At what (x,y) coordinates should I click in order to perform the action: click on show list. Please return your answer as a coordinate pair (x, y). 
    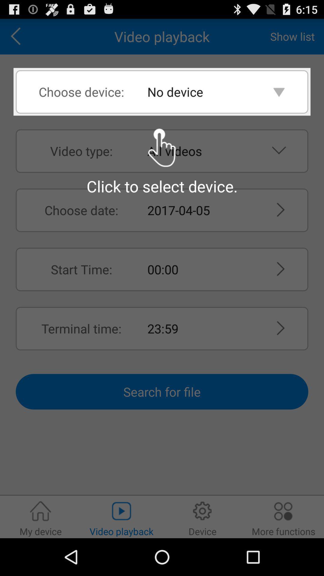
    Looking at the image, I should click on (292, 36).